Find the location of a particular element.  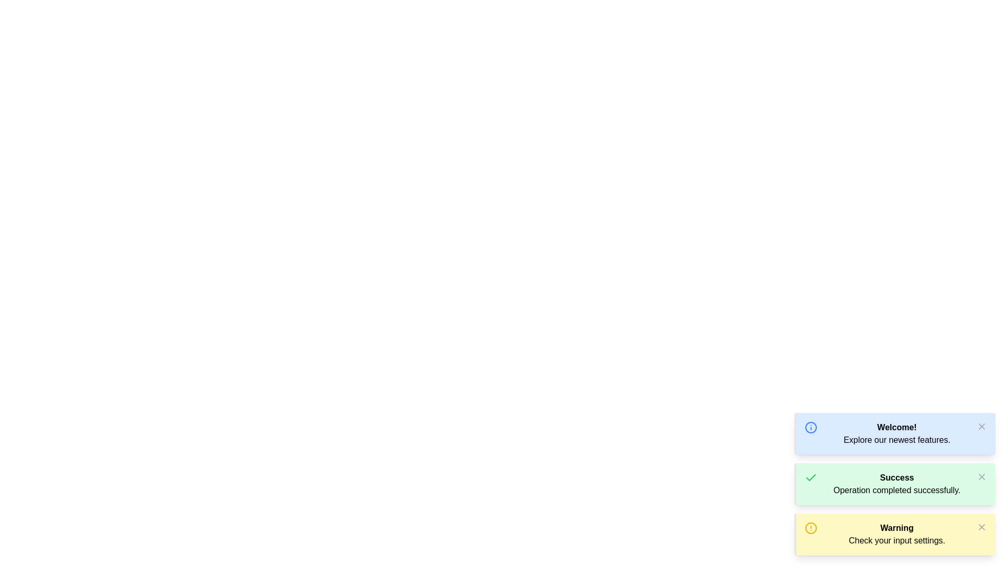

the text label that contains the message 'Check your input settings.' within the yellow notification box, located at the bottom of the warning notification is located at coordinates (896, 541).